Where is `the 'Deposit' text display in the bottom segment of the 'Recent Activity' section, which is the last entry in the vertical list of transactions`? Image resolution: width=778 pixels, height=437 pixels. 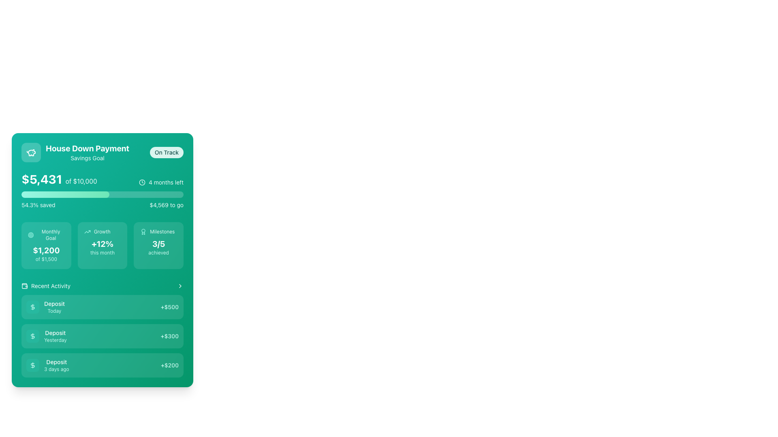 the 'Deposit' text display in the bottom segment of the 'Recent Activity' section, which is the last entry in the vertical list of transactions is located at coordinates (56, 365).